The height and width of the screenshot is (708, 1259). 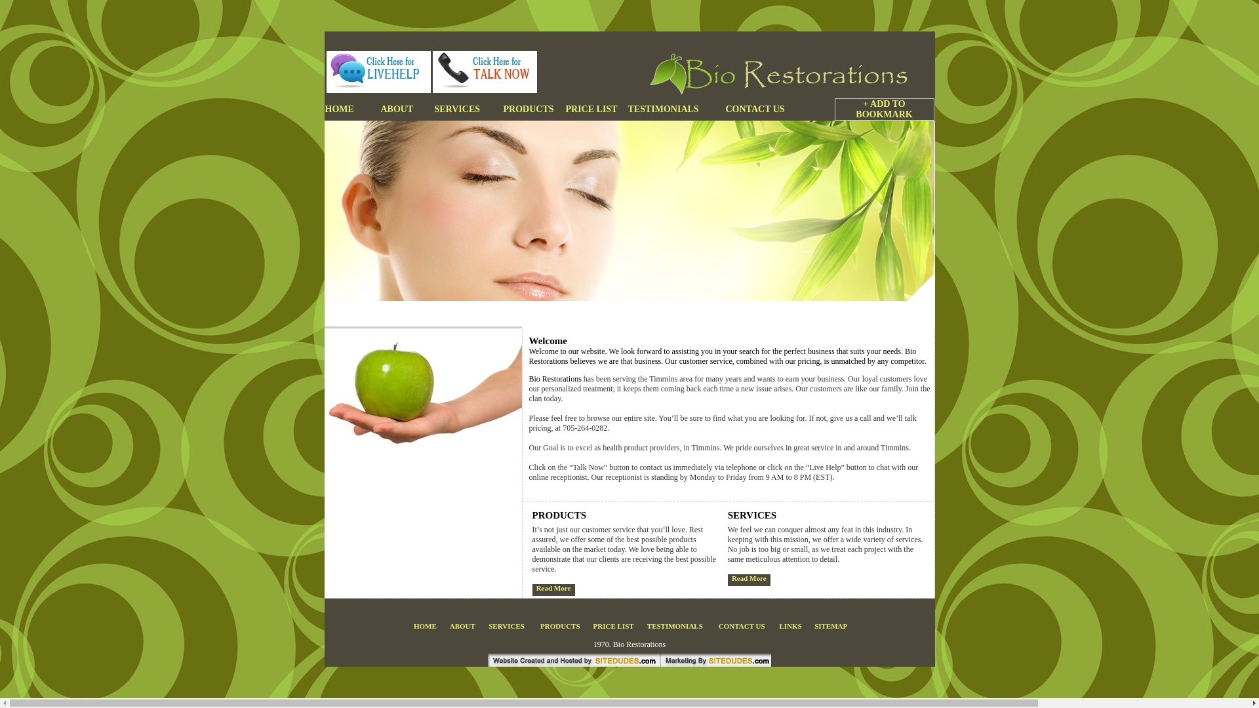 I want to click on 'ABOUT', so click(x=462, y=625).